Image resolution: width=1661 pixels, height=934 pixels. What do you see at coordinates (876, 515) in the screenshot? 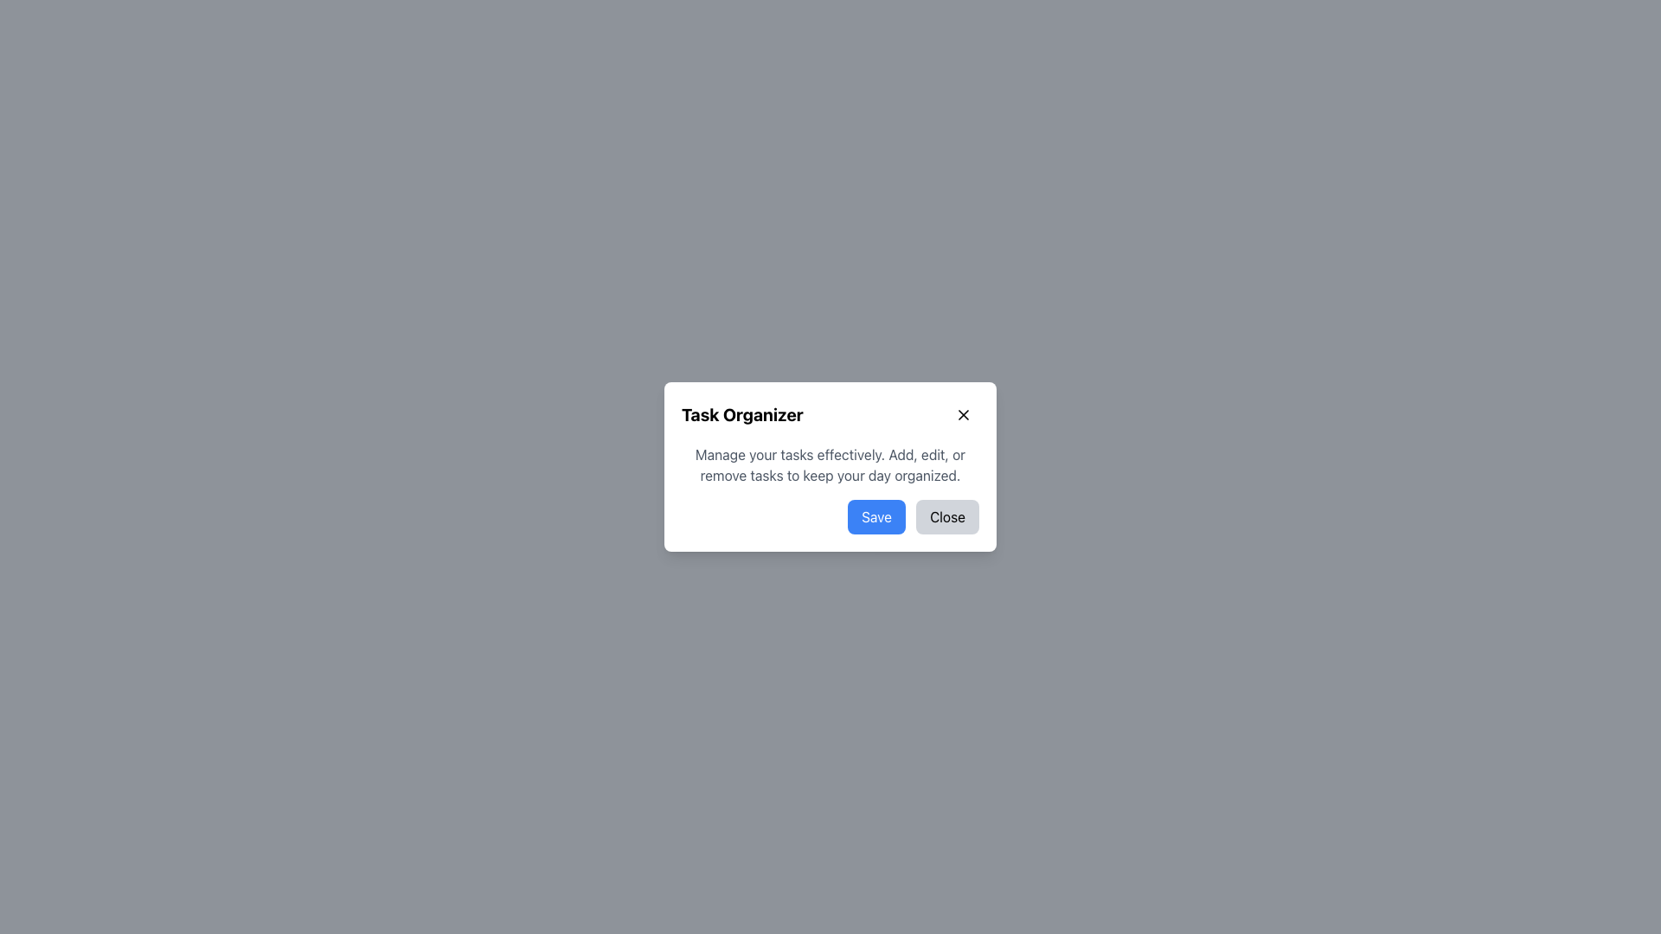
I see `the 'Save' button located at the bottom right corner of the 'Task Organizer' dialog` at bounding box center [876, 515].